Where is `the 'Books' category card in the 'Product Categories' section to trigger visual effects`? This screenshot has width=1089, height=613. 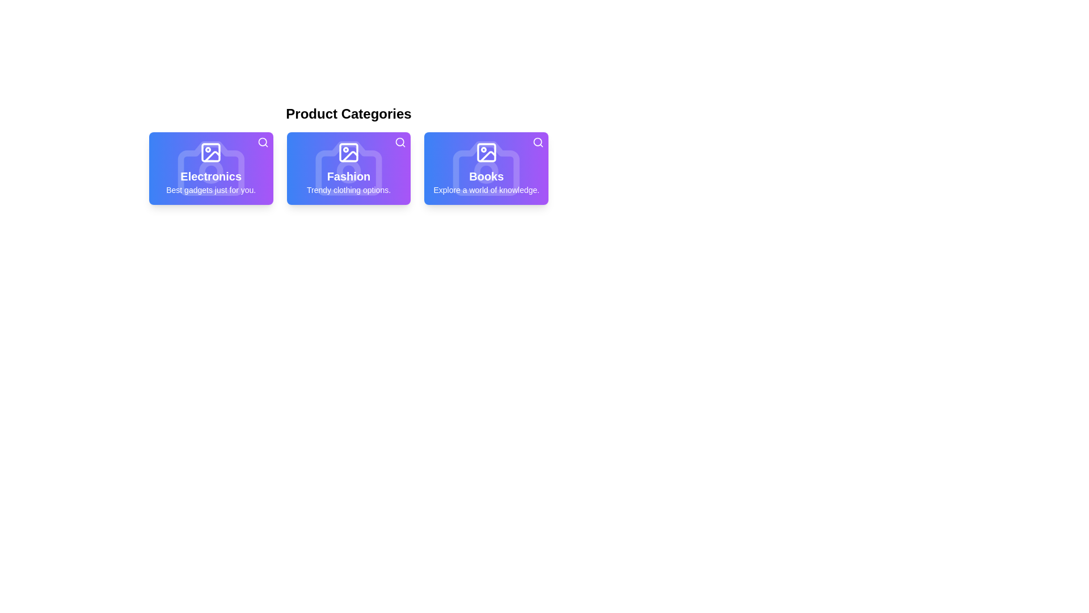
the 'Books' category card in the 'Product Categories' section to trigger visual effects is located at coordinates (486, 169).